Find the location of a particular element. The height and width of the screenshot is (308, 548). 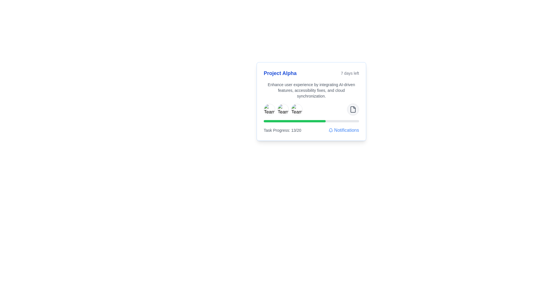

the file-related action icon located in the lower-right section of the interface, which is the second icon in a horizontal alignment of icons is located at coordinates (353, 110).